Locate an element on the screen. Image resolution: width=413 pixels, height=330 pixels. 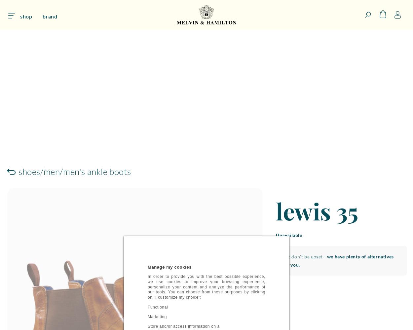
'we have plenty of alternatives for you.' is located at coordinates (338, 260).